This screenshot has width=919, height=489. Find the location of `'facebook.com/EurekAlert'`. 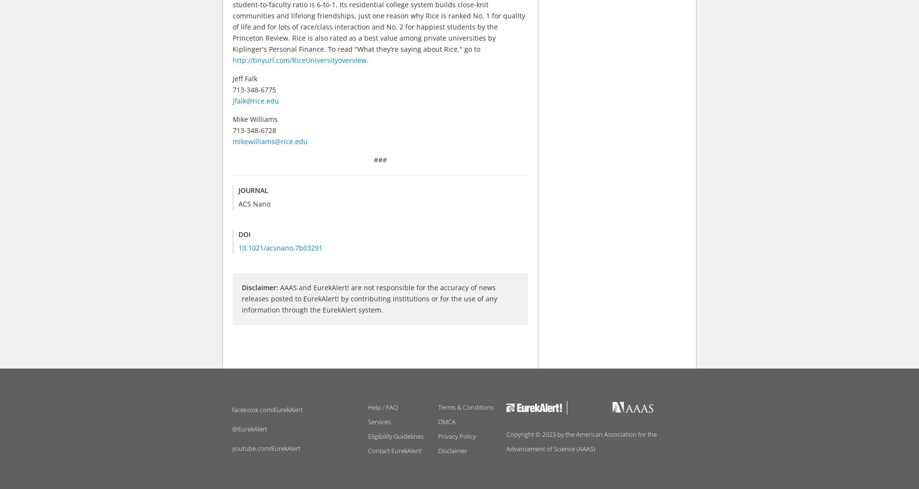

'facebook.com/EurekAlert' is located at coordinates (267, 409).